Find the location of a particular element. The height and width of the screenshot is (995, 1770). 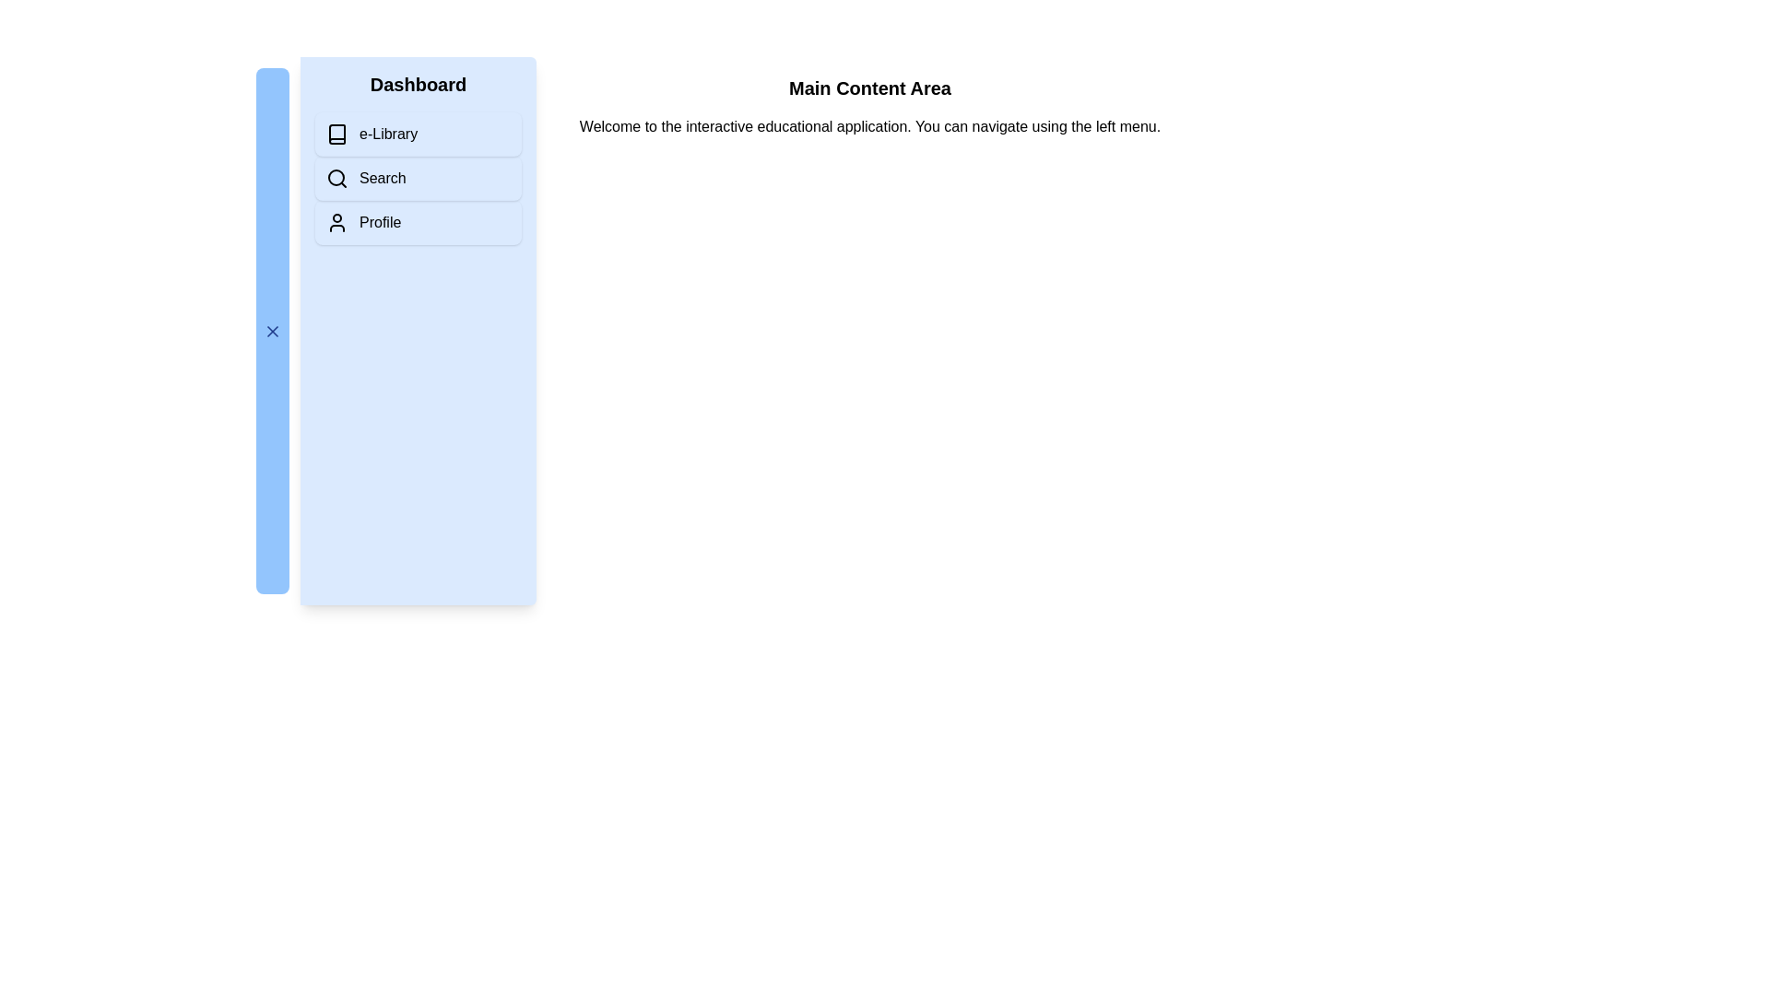

the 'Search' button with a magnifying glass icon is located at coordinates (418, 178).